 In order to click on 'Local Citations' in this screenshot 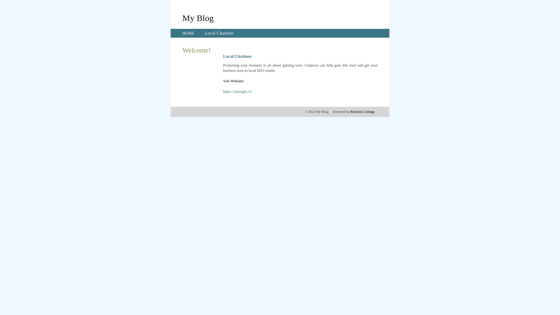, I will do `click(204, 33)`.